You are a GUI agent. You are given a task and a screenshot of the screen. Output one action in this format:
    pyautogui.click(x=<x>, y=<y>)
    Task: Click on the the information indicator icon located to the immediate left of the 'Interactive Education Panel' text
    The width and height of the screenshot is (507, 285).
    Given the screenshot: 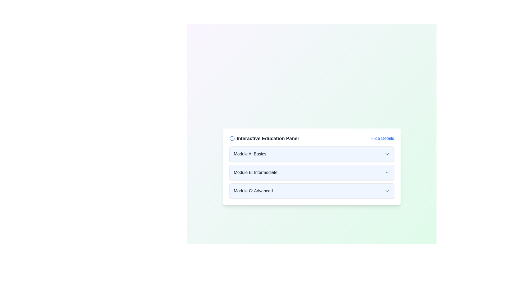 What is the action you would take?
    pyautogui.click(x=232, y=138)
    